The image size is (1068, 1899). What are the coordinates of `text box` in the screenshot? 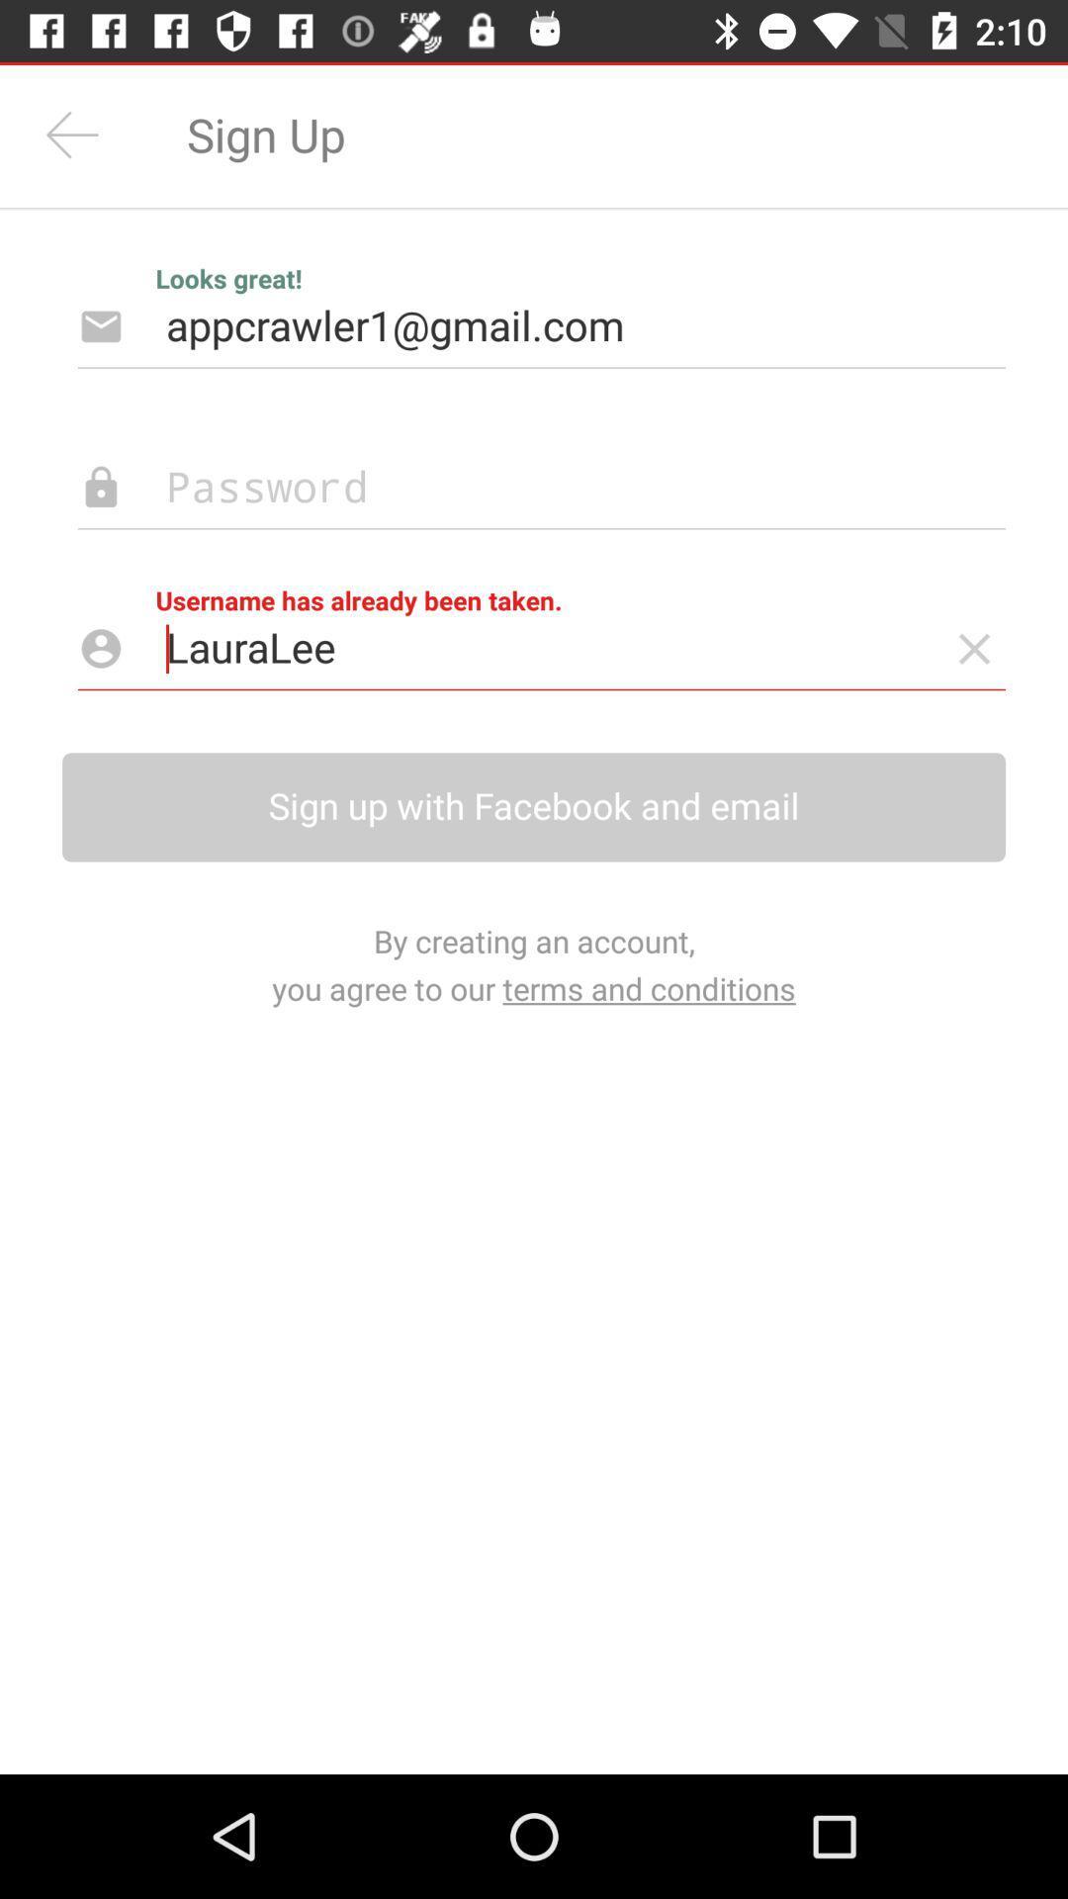 It's located at (509, 488).